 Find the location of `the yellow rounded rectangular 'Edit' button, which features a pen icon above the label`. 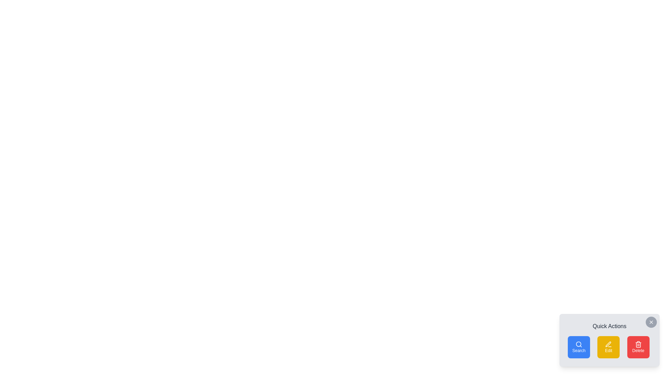

the yellow rounded rectangular 'Edit' button, which features a pen icon above the label is located at coordinates (609, 347).